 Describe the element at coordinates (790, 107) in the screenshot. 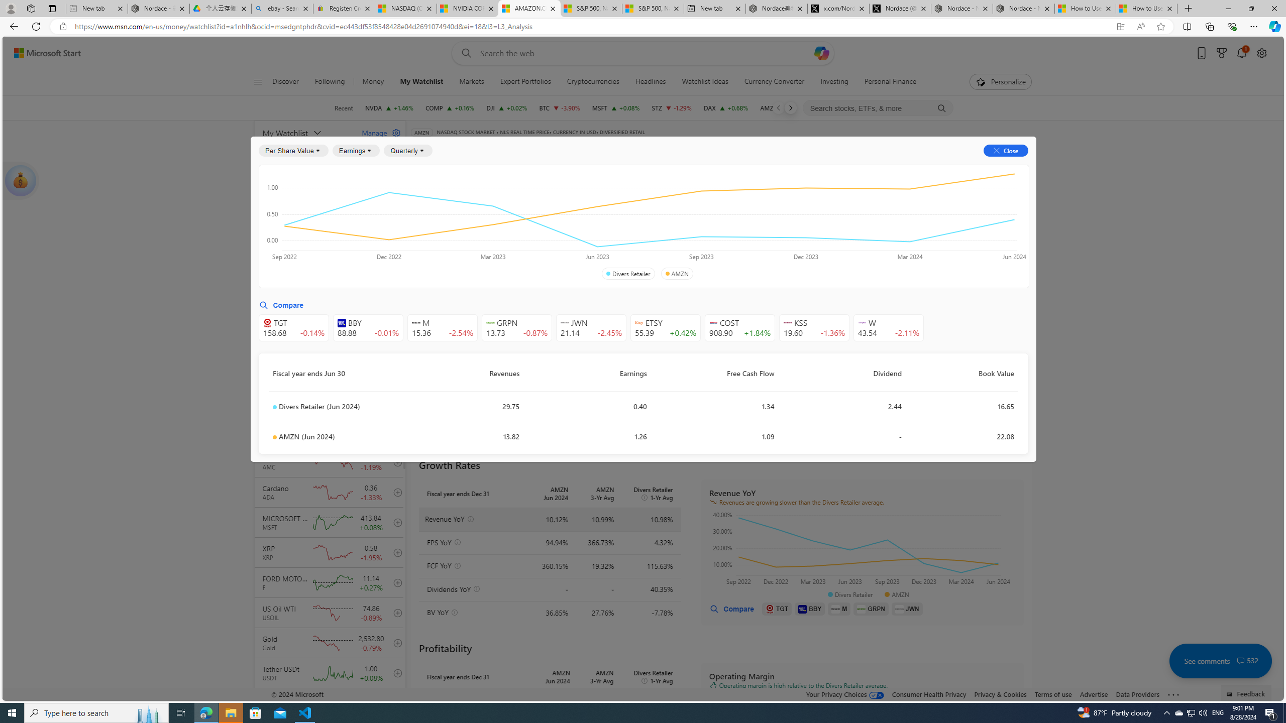

I see `'Next'` at that location.